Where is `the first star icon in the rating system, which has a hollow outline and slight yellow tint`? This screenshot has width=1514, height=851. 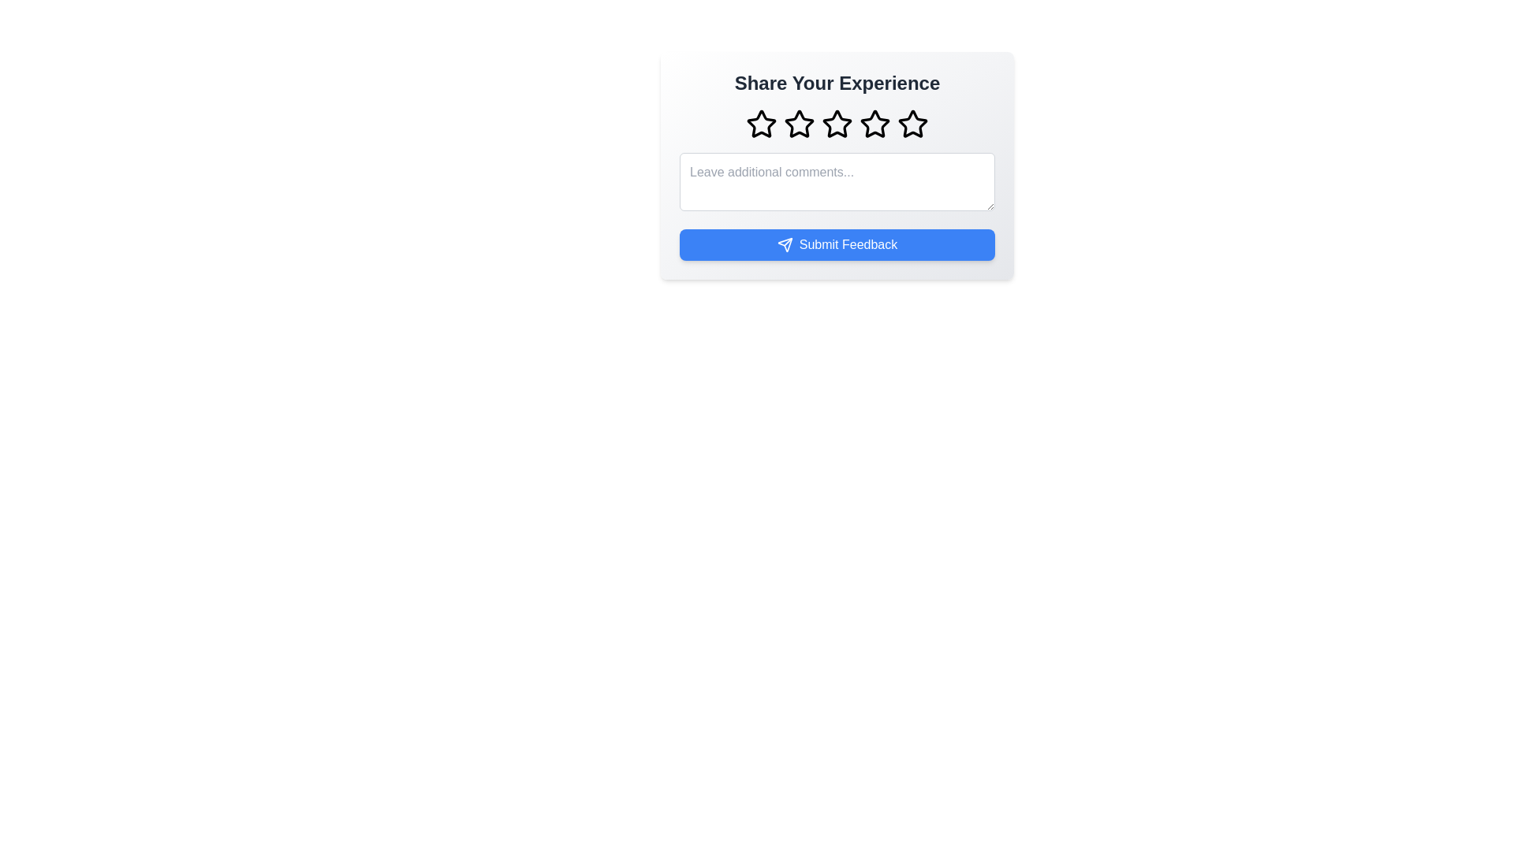
the first star icon in the rating system, which has a hollow outline and slight yellow tint is located at coordinates (761, 124).